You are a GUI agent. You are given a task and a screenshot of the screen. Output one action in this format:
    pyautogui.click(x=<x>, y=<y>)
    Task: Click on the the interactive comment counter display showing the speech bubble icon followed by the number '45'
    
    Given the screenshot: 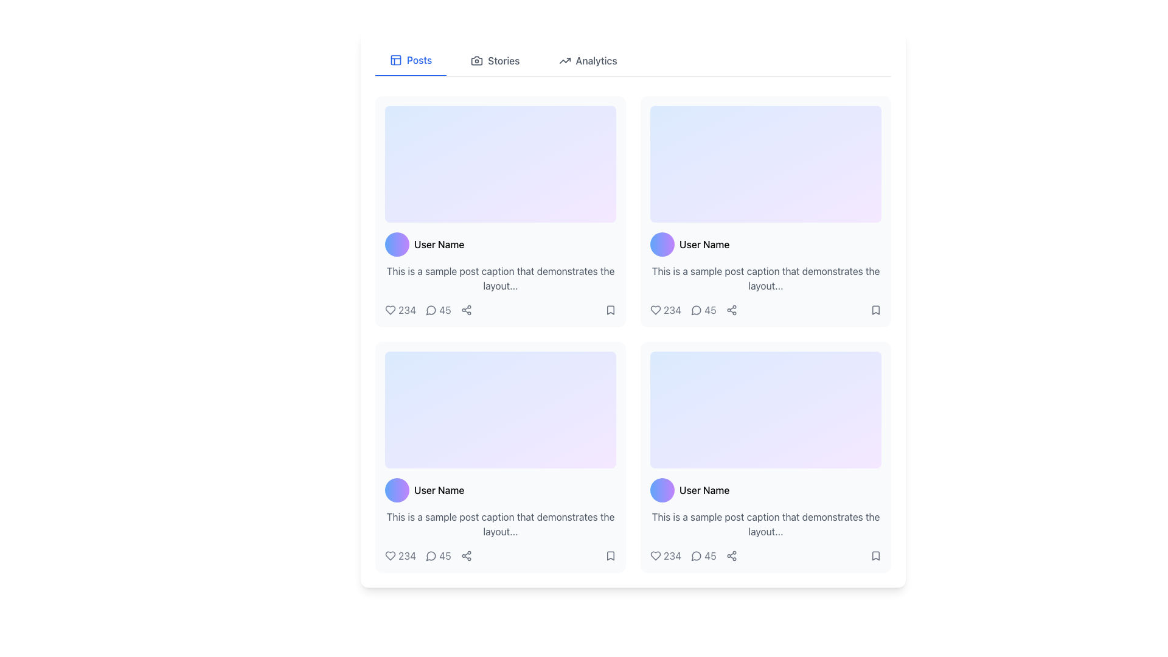 What is the action you would take?
    pyautogui.click(x=438, y=309)
    